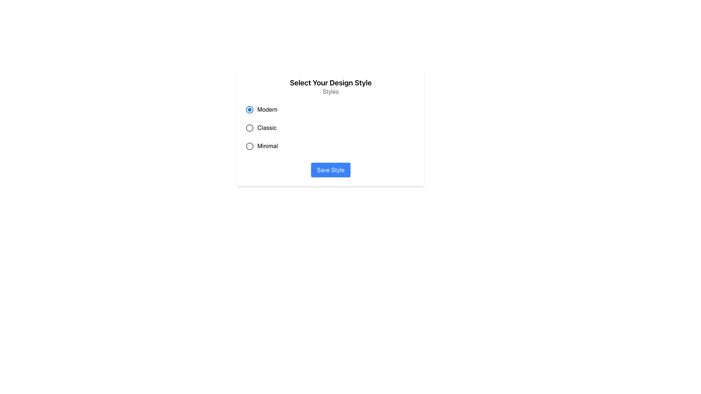  I want to click on the text label 'Modern' which serves as the descriptive name for the corresponding radio button, so click(267, 109).